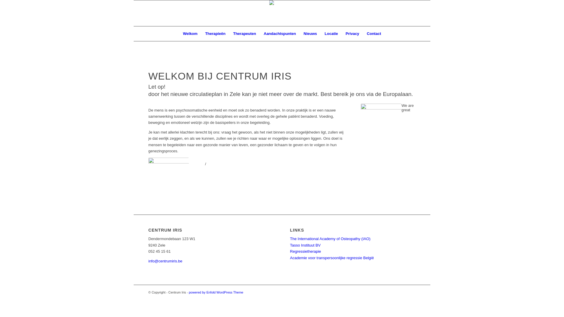 This screenshot has height=317, width=564. Describe the element at coordinates (305, 251) in the screenshot. I see `'Regressietherapie'` at that location.